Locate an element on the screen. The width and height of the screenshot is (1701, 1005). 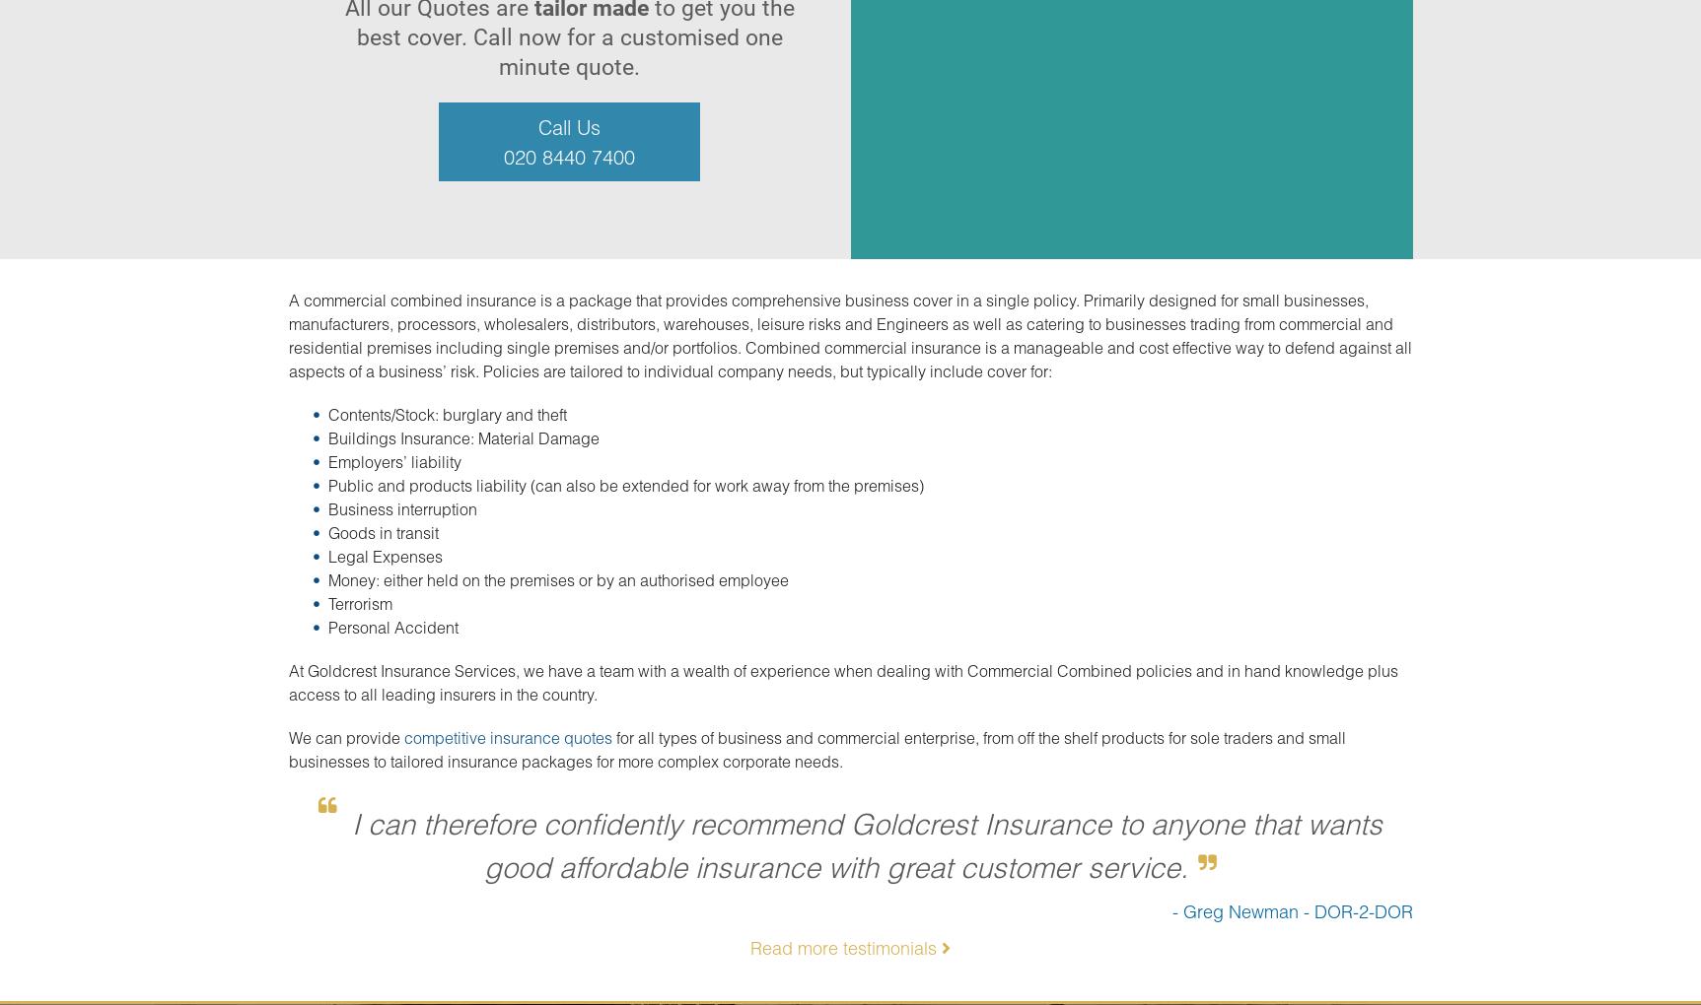
'Employers’ liability' is located at coordinates (327, 461).